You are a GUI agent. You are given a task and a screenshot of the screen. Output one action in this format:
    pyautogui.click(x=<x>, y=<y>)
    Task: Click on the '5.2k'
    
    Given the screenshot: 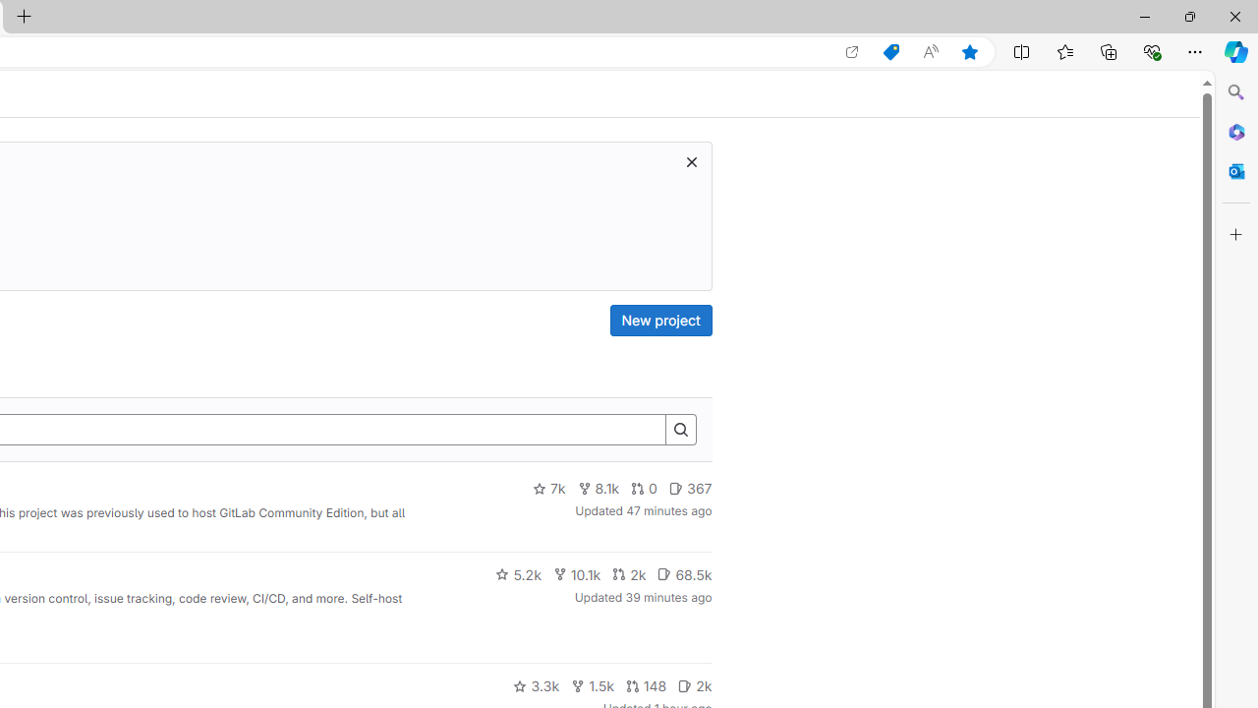 What is the action you would take?
    pyautogui.click(x=518, y=573)
    